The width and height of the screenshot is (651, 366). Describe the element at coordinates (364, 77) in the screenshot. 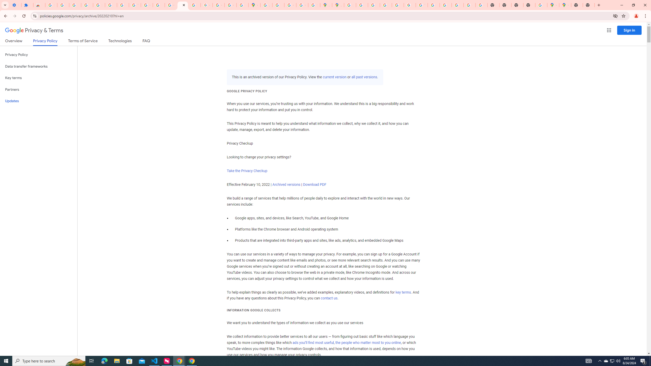

I see `'all past versions'` at that location.